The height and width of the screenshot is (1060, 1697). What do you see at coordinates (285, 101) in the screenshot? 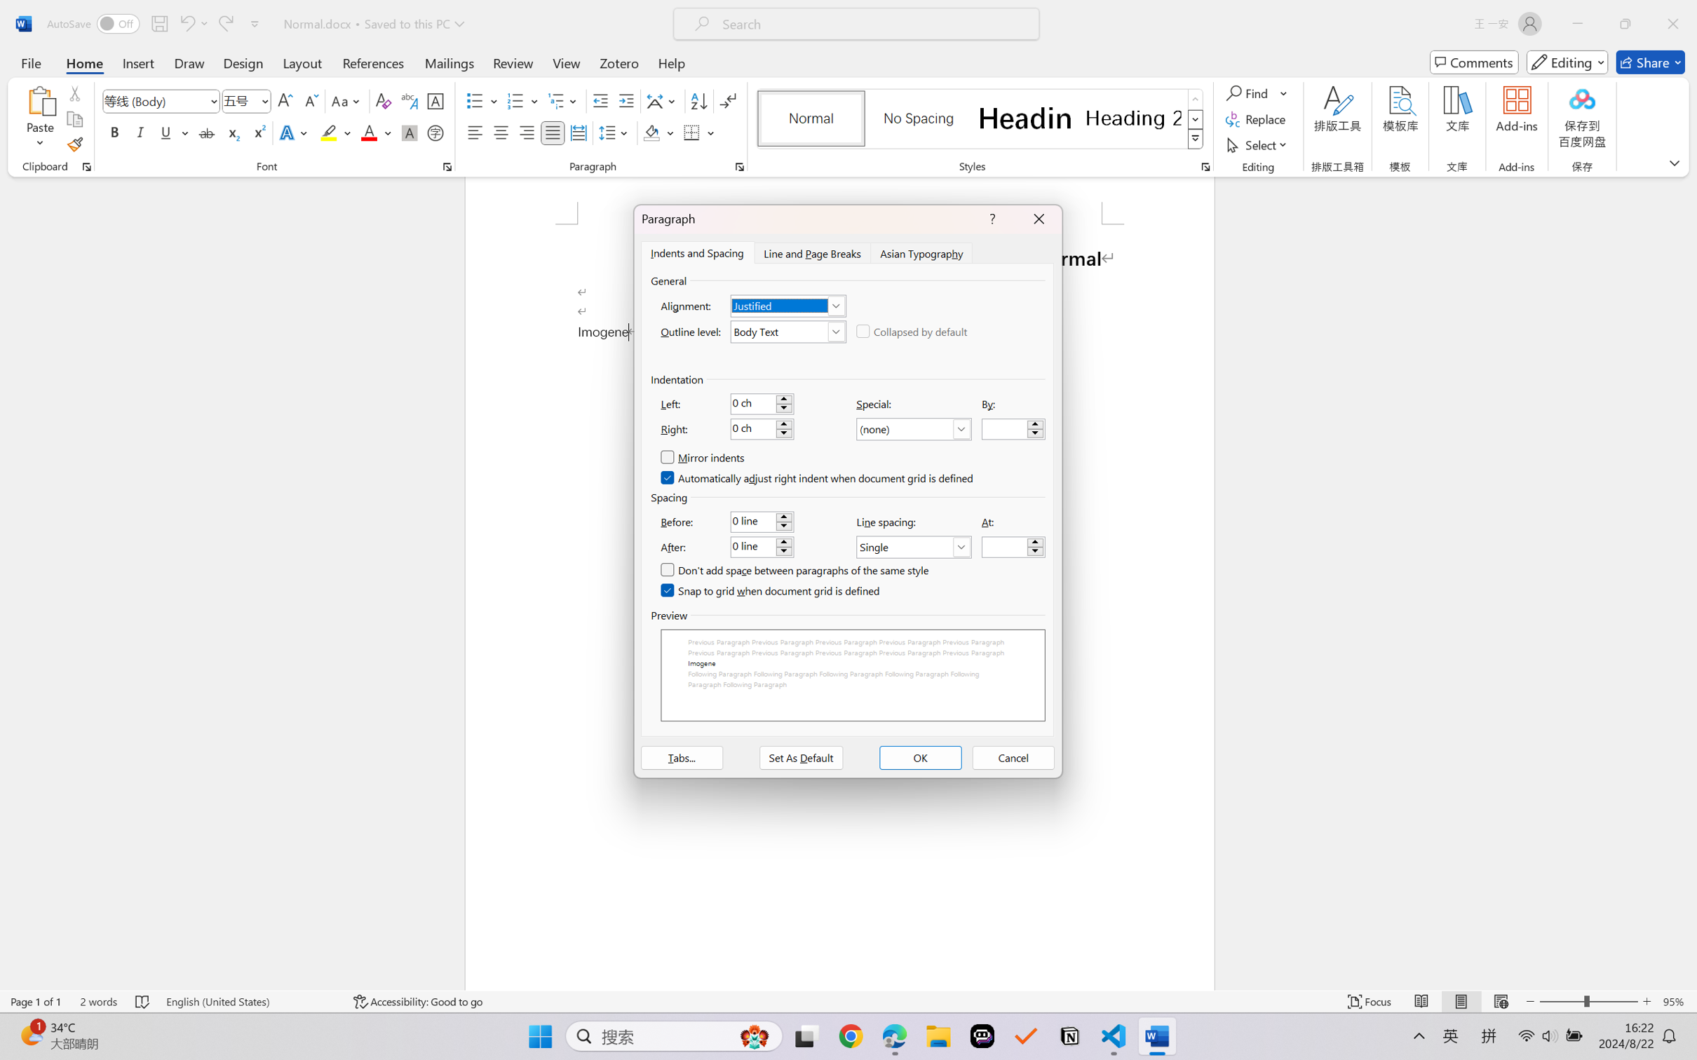
I see `'Grow Font'` at bounding box center [285, 101].